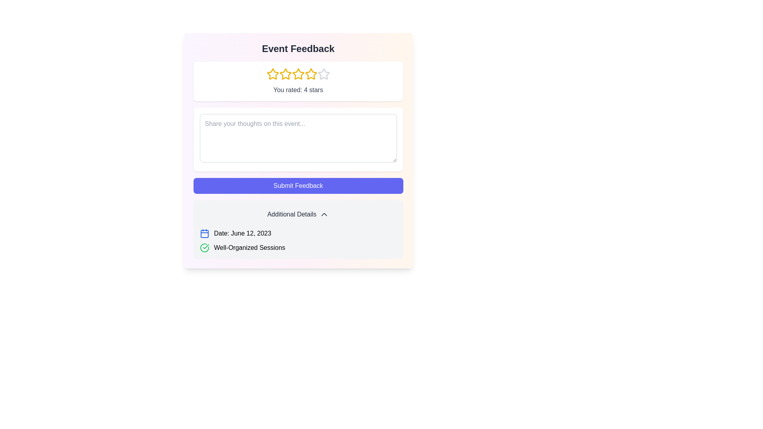  What do you see at coordinates (285, 74) in the screenshot?
I see `the second star icon in the rating system located in the 'Event Feedback' area` at bounding box center [285, 74].